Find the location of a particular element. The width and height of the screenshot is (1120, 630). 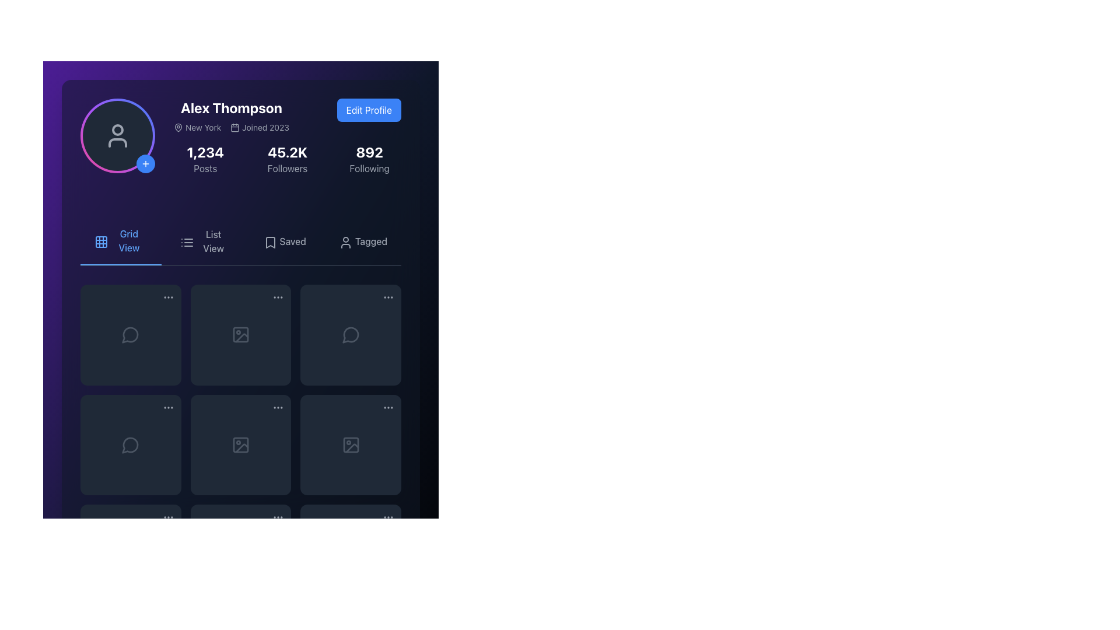

the Icon Button located to the left of the 'Grid View' text is located at coordinates (100, 240).